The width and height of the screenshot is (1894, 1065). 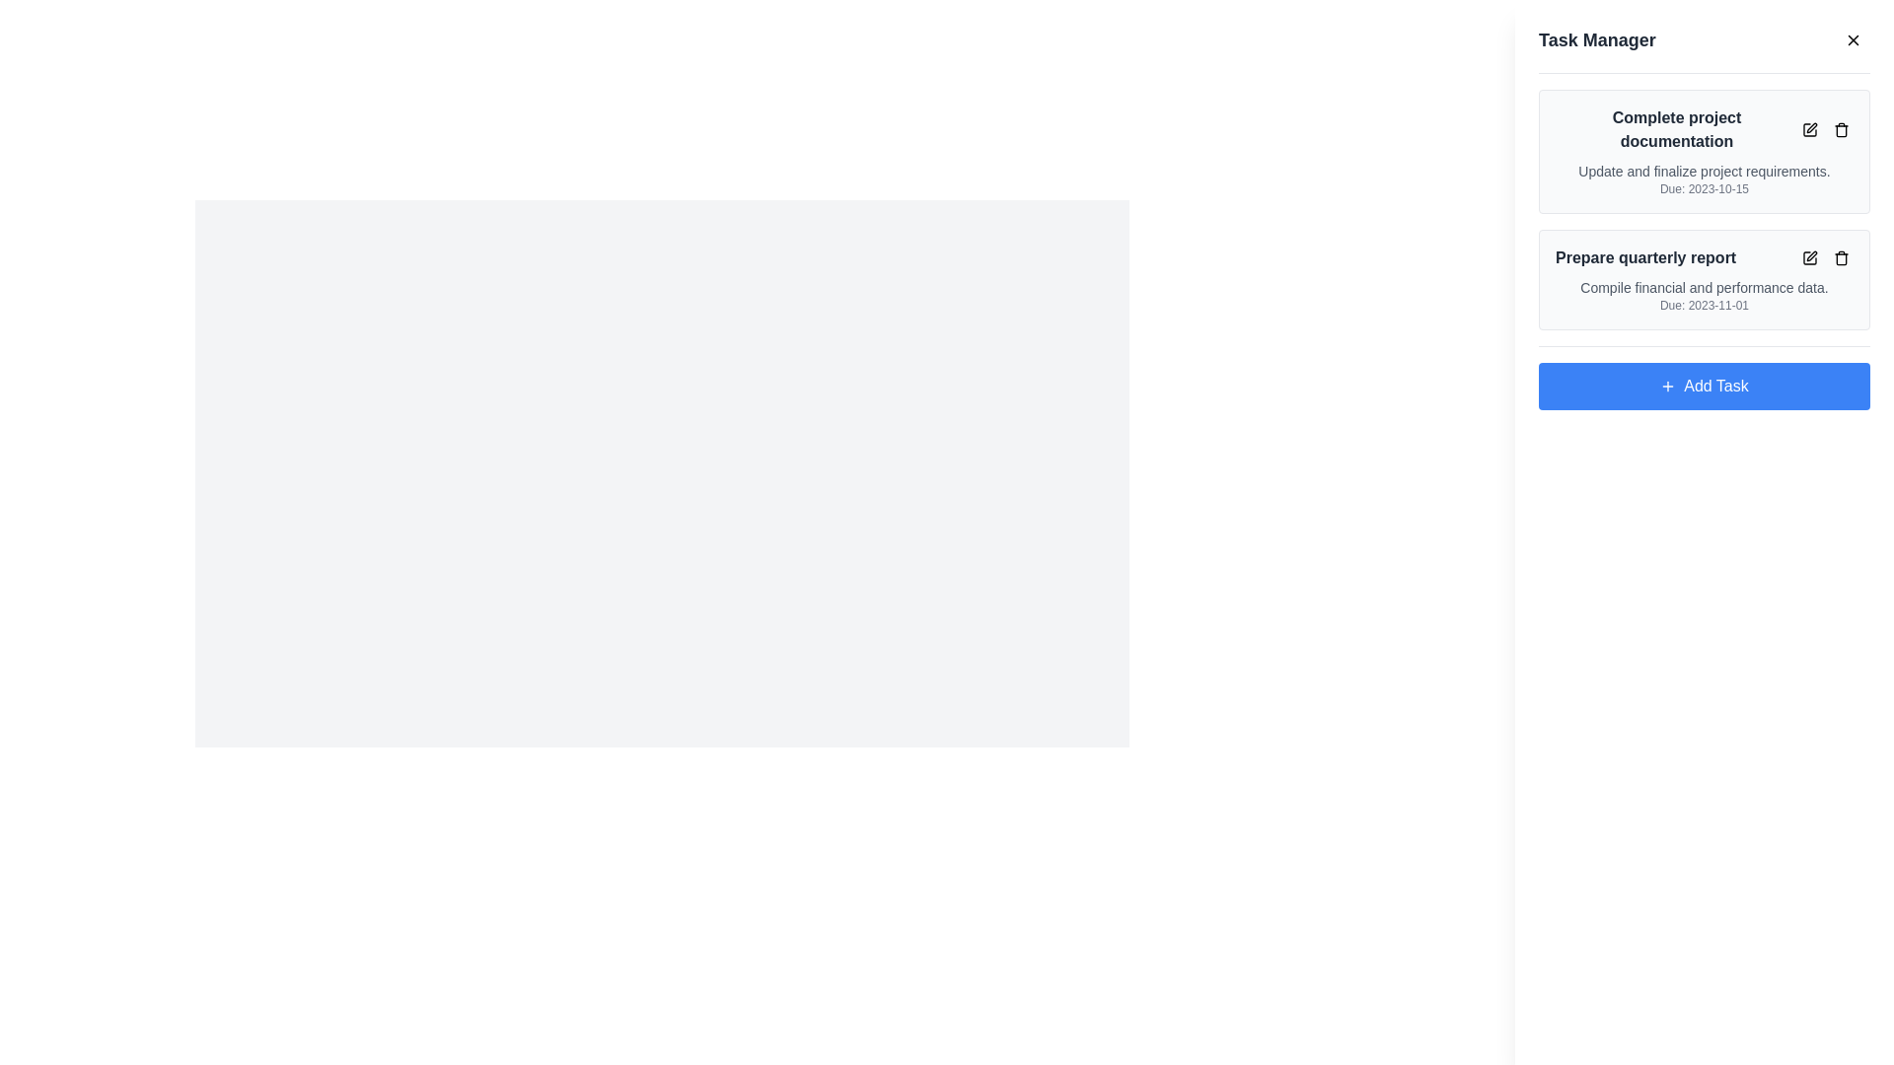 What do you see at coordinates (1852, 40) in the screenshot?
I see `the close button located in the top-right corner of the 'Task Manager' panel` at bounding box center [1852, 40].